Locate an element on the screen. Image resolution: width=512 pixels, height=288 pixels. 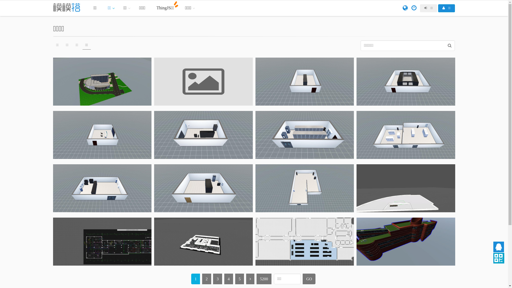
'5200' is located at coordinates (264, 278).